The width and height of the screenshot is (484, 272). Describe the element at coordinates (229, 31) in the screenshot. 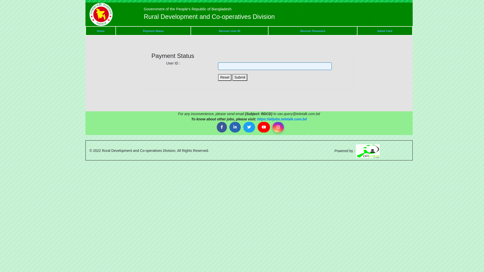

I see `'Recover User ID'` at that location.